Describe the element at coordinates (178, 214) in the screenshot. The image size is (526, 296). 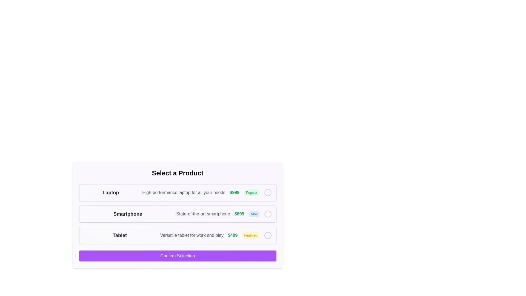
I see `the 'Smartphone' selectable product option, which is the second item in a vertical list of three options` at that location.